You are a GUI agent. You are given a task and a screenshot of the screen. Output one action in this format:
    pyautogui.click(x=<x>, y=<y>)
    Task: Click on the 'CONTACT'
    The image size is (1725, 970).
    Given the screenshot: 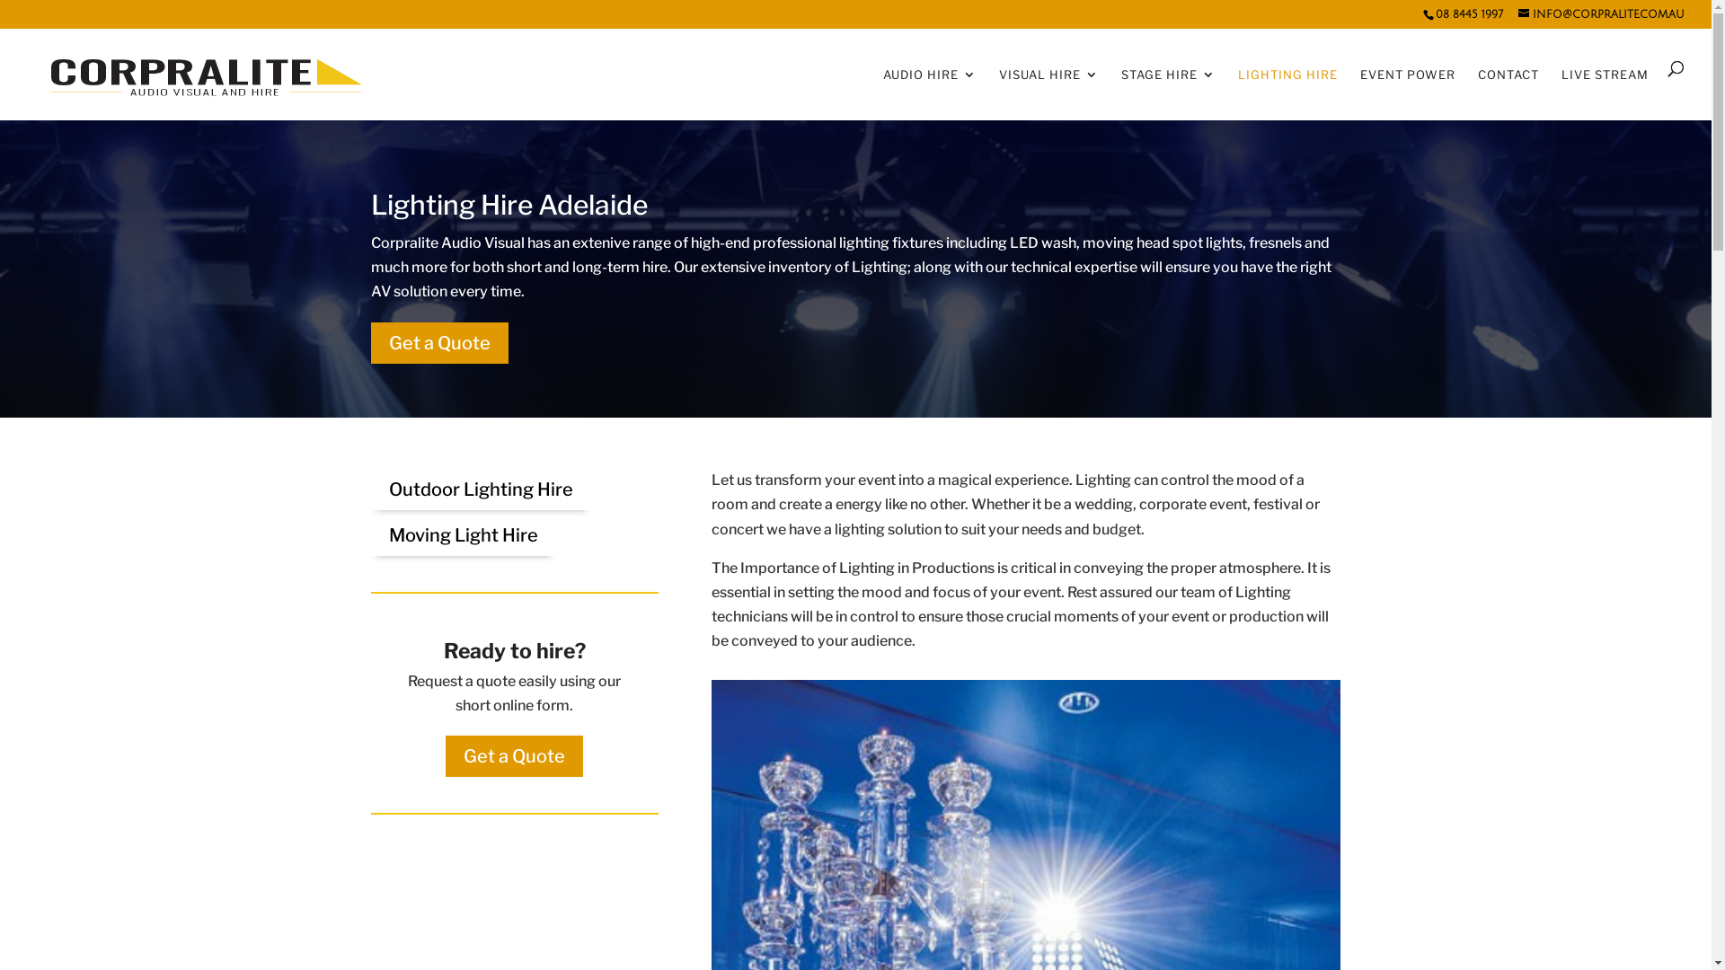 What is the action you would take?
    pyautogui.click(x=1508, y=90)
    